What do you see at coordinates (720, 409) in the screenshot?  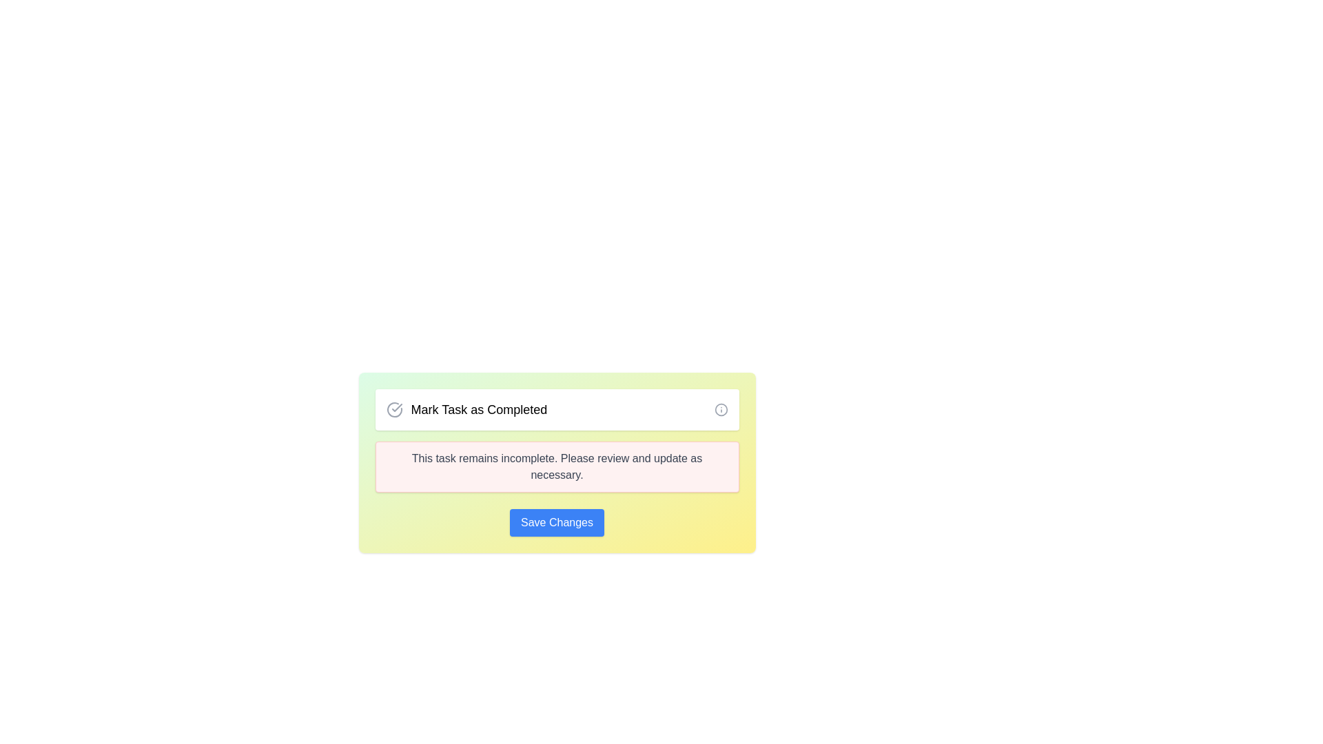 I see `the circular Information Icon with a gray color and an 'i' symbol, located on the rightmost side of the 'Mark Task as Completed' component` at bounding box center [720, 409].